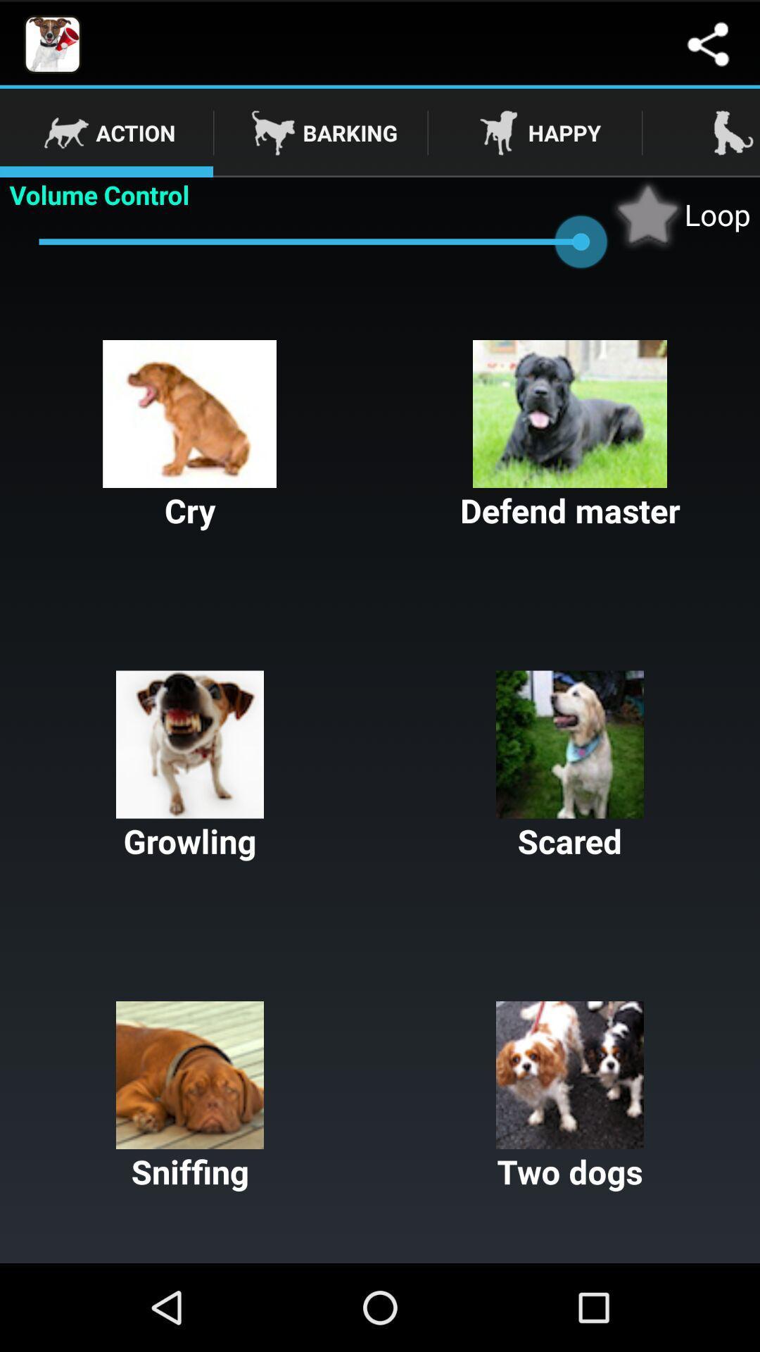  I want to click on the icon to the right of volume control, so click(680, 213).